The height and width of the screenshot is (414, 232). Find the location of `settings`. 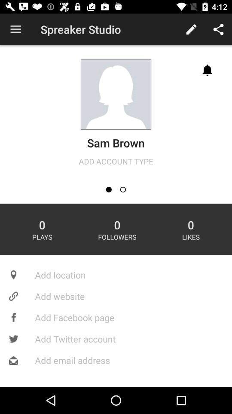

settings is located at coordinates (122, 189).